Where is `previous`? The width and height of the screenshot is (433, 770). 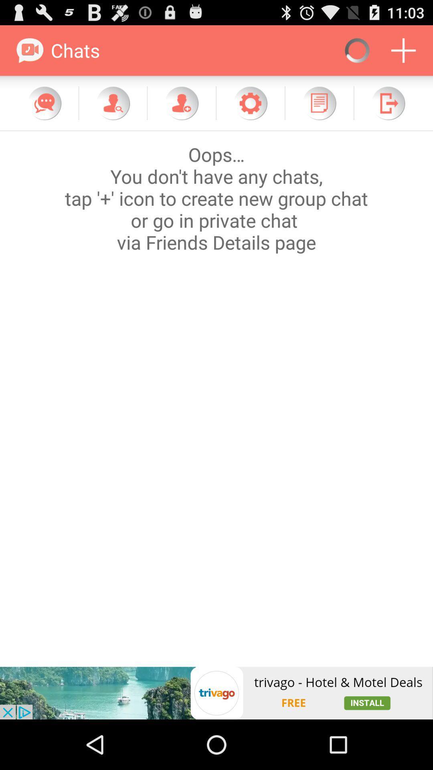 previous is located at coordinates (388, 103).